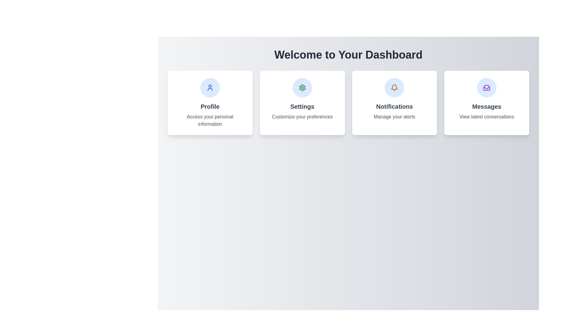 The width and height of the screenshot is (583, 328). Describe the element at coordinates (487, 88) in the screenshot. I see `the message icon located inside the rightmost card labeled 'Messages' in the dashboard grid, which is the fourth card in the row and centrally aligned near the top of the card` at that location.